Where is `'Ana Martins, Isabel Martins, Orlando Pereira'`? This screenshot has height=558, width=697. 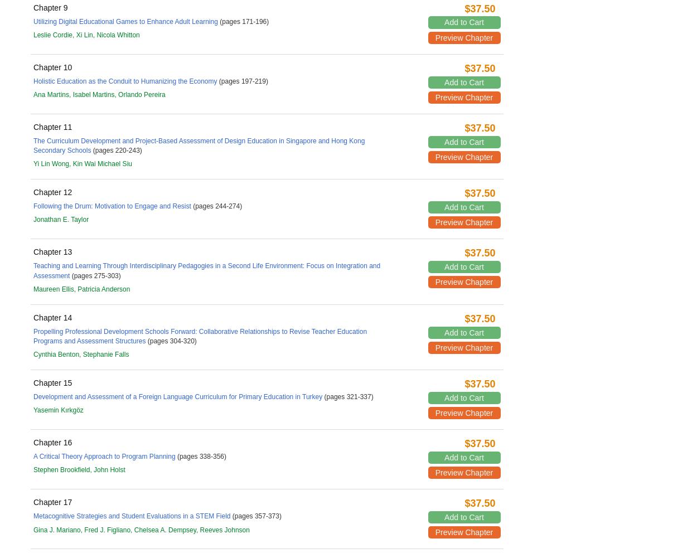
'Ana Martins, Isabel Martins, Orlando Pereira' is located at coordinates (99, 94).